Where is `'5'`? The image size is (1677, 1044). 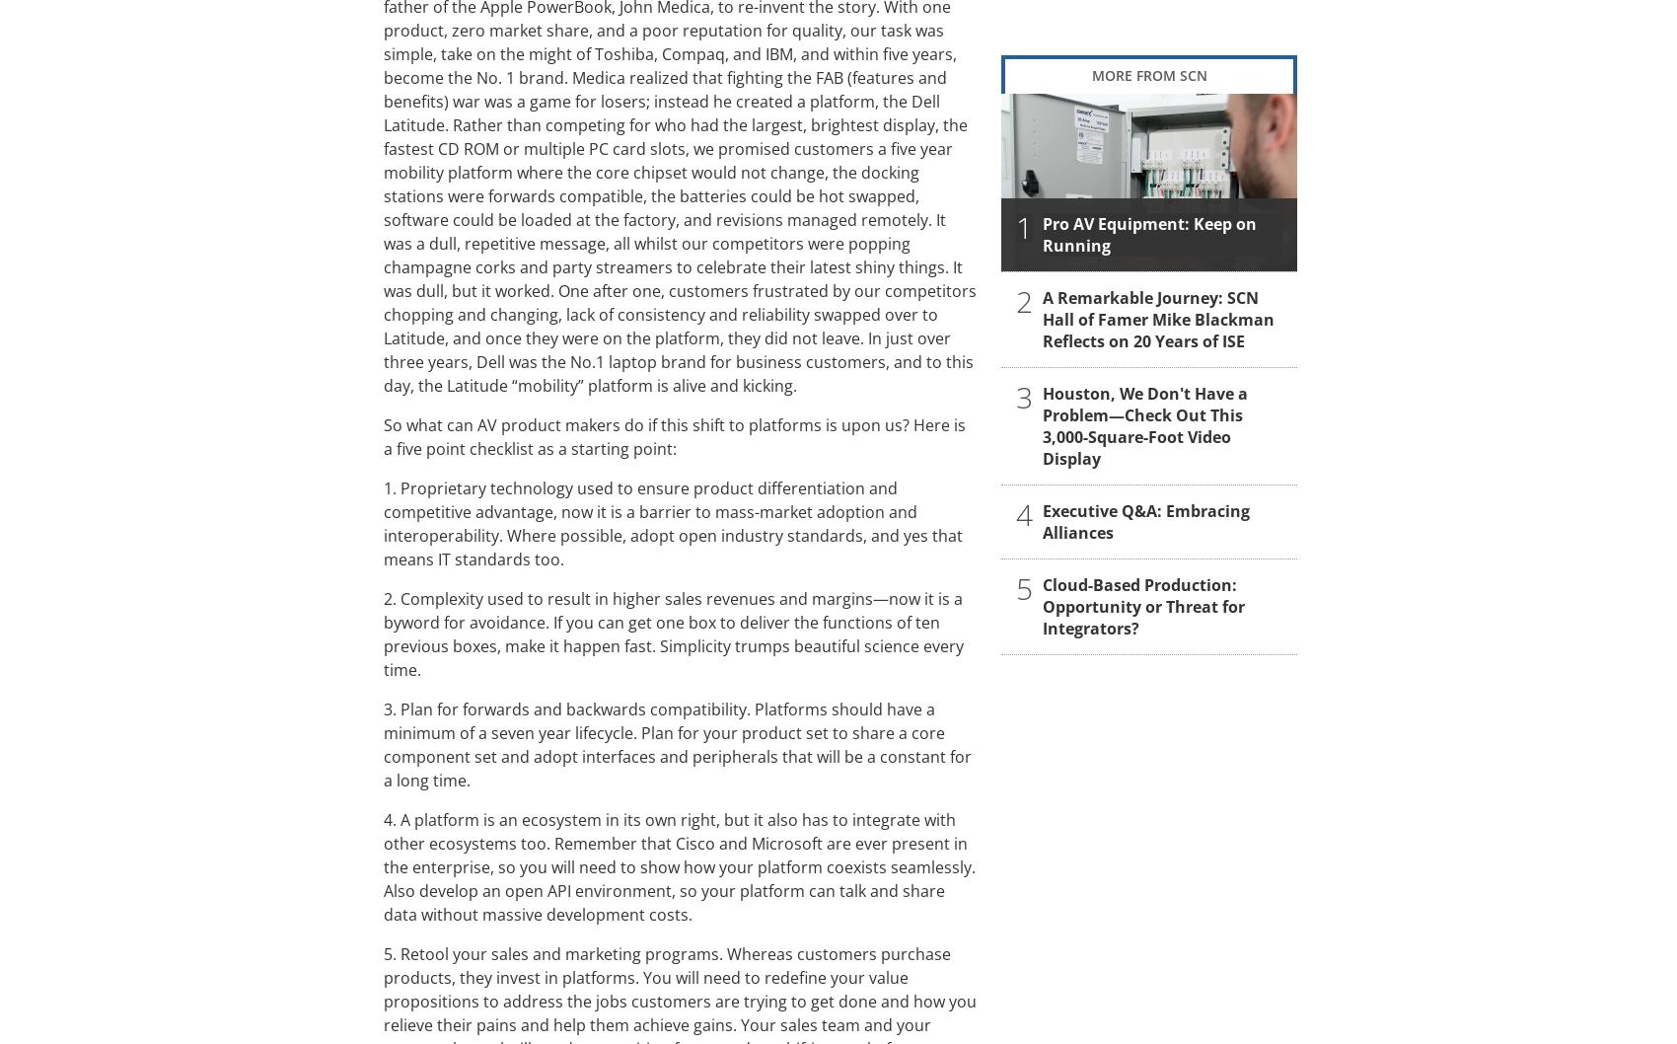
'5' is located at coordinates (1023, 587).